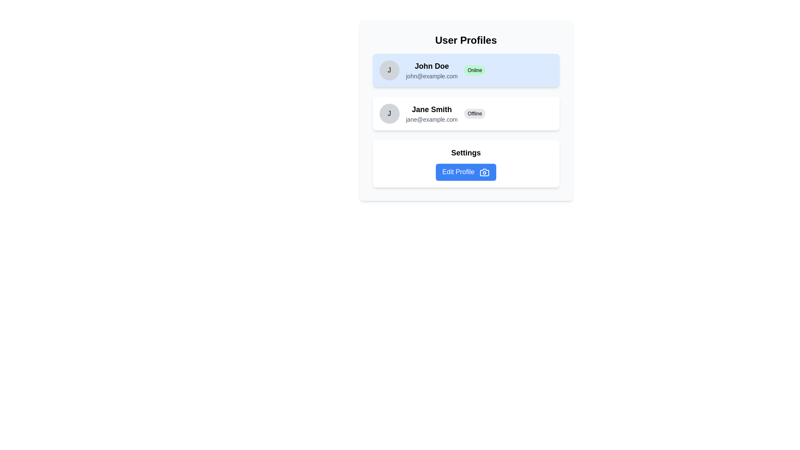 Image resolution: width=800 pixels, height=450 pixels. What do you see at coordinates (432, 119) in the screenshot?
I see `the email address text label 'jane@example.com' displayed in a small gray font, located under the name 'Jane Smith' in the user profile card` at bounding box center [432, 119].